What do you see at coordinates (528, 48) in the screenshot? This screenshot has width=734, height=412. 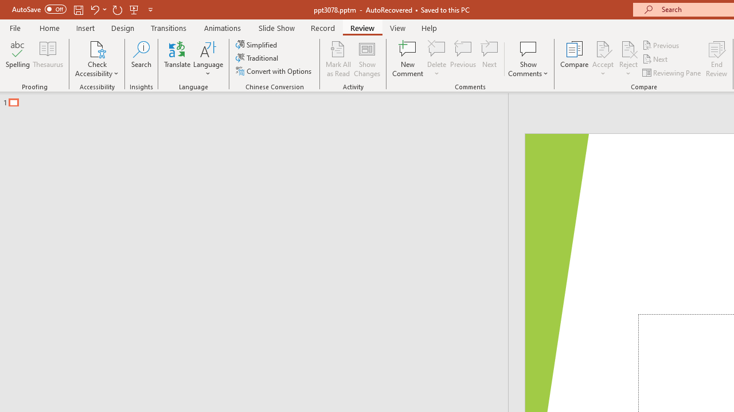 I see `'Show Comments'` at bounding box center [528, 48].